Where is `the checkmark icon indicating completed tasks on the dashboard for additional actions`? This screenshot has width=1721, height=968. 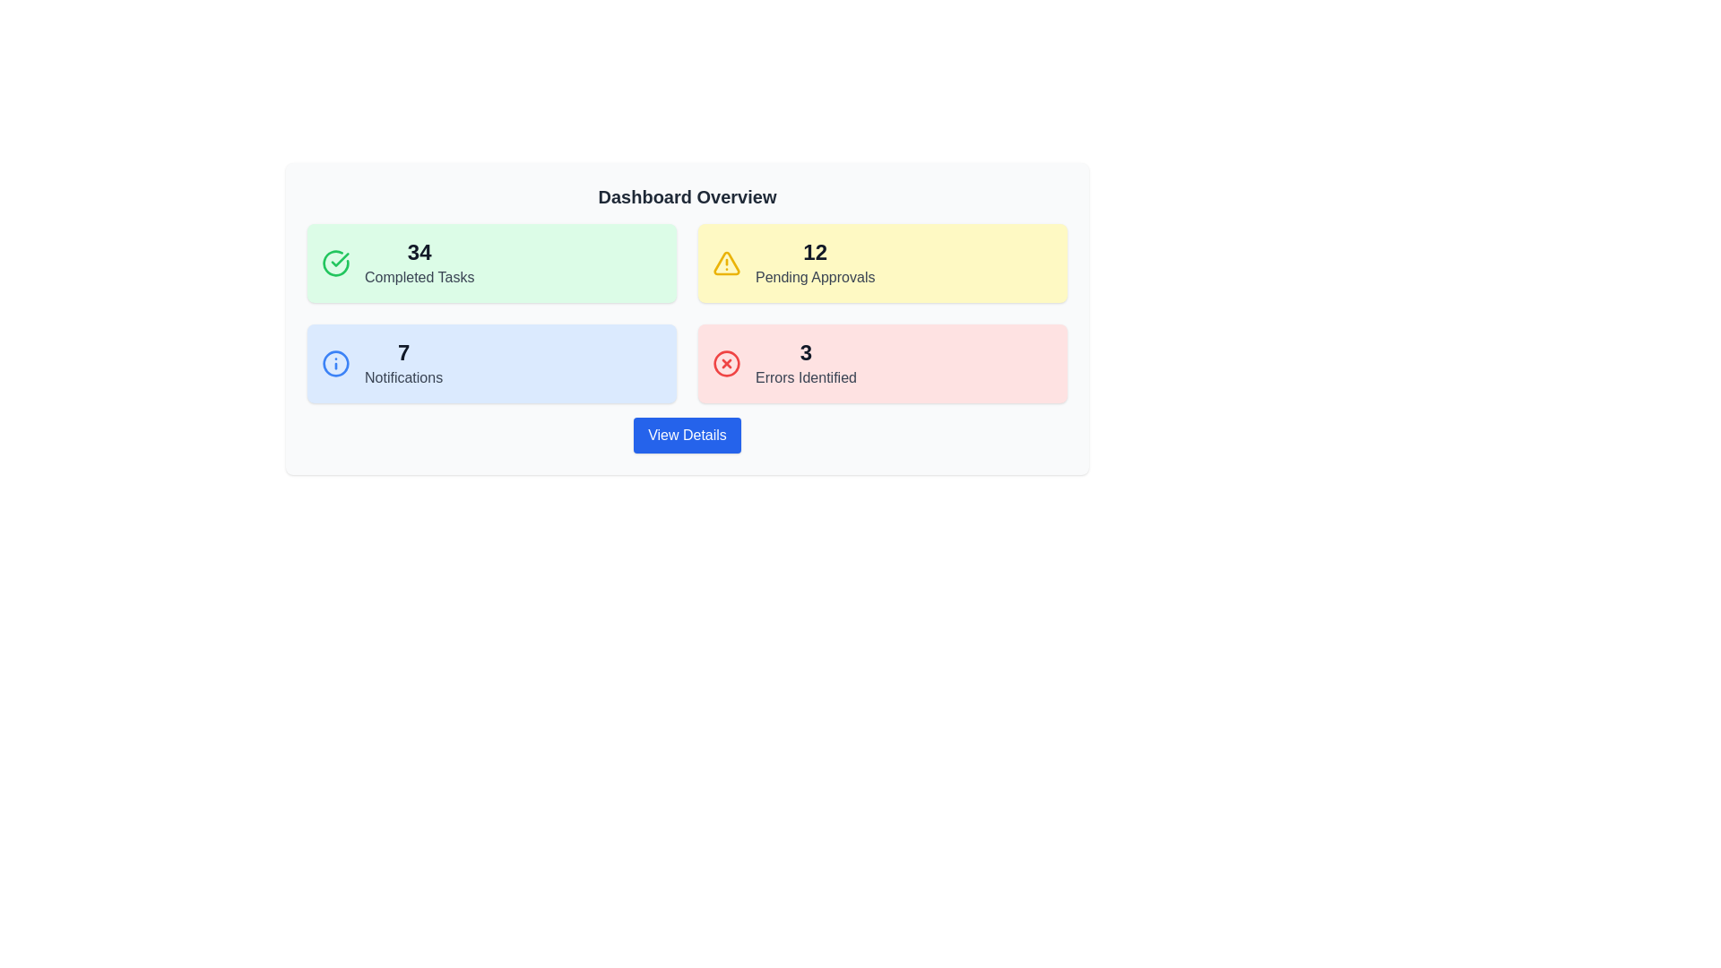 the checkmark icon indicating completed tasks on the dashboard for additional actions is located at coordinates (340, 259).